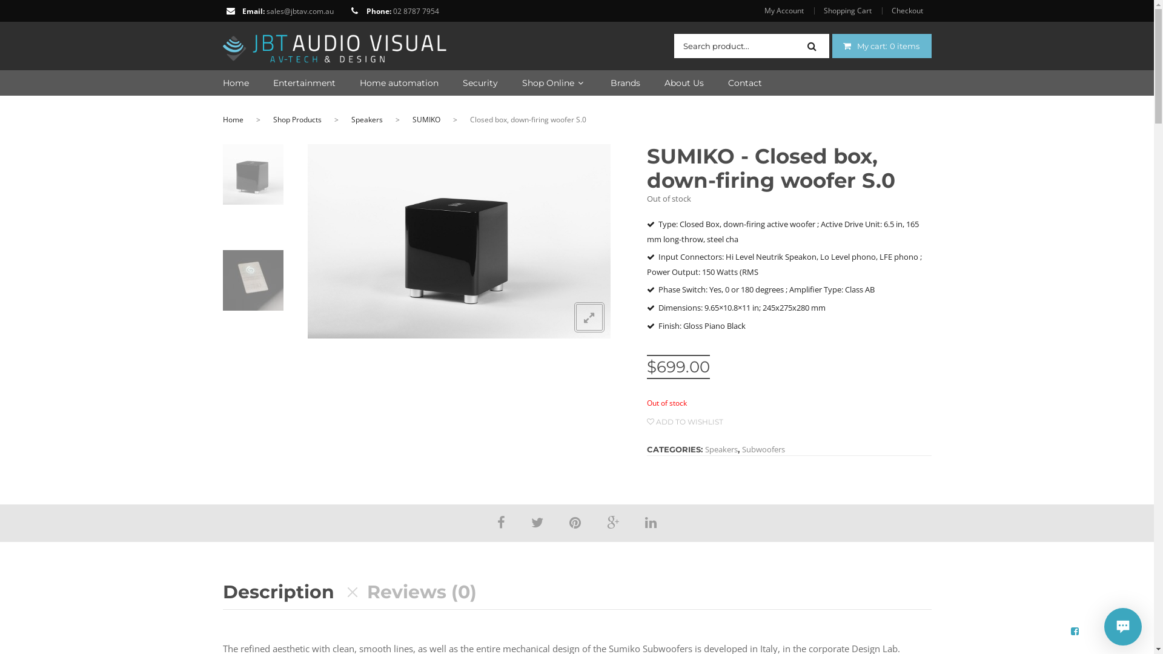 The image size is (1163, 654). Describe the element at coordinates (223, 592) in the screenshot. I see `'Description'` at that location.